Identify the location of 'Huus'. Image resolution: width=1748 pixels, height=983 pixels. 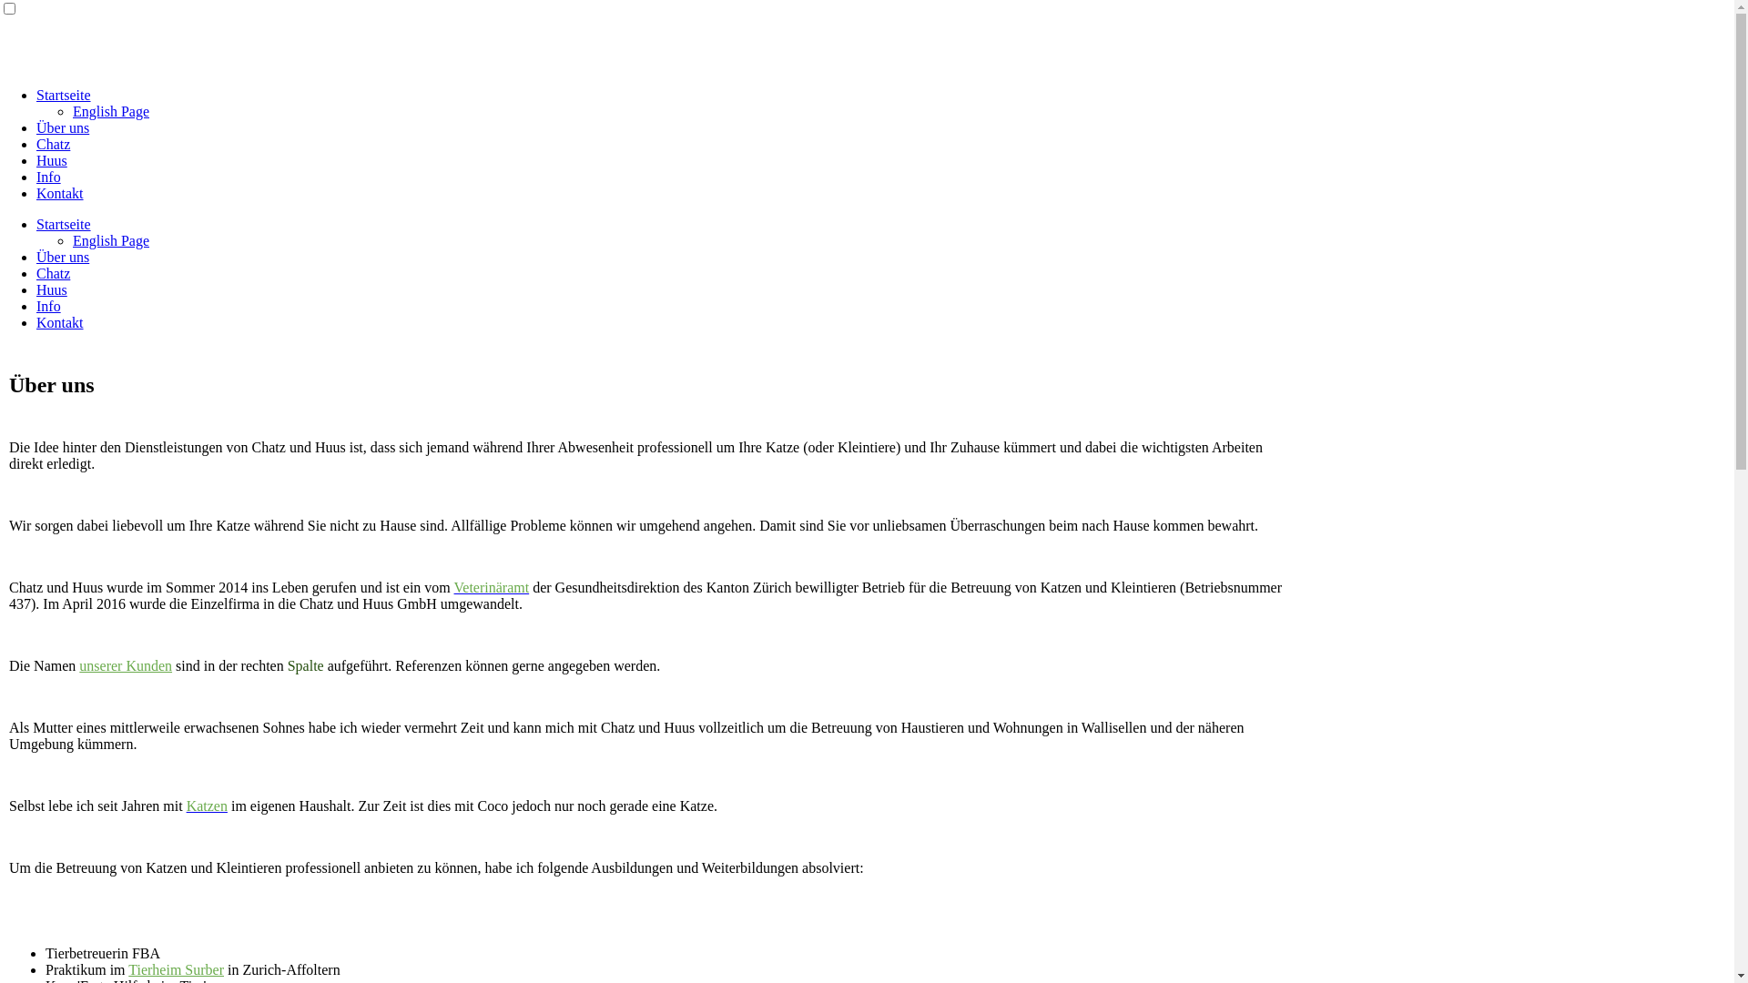
(52, 289).